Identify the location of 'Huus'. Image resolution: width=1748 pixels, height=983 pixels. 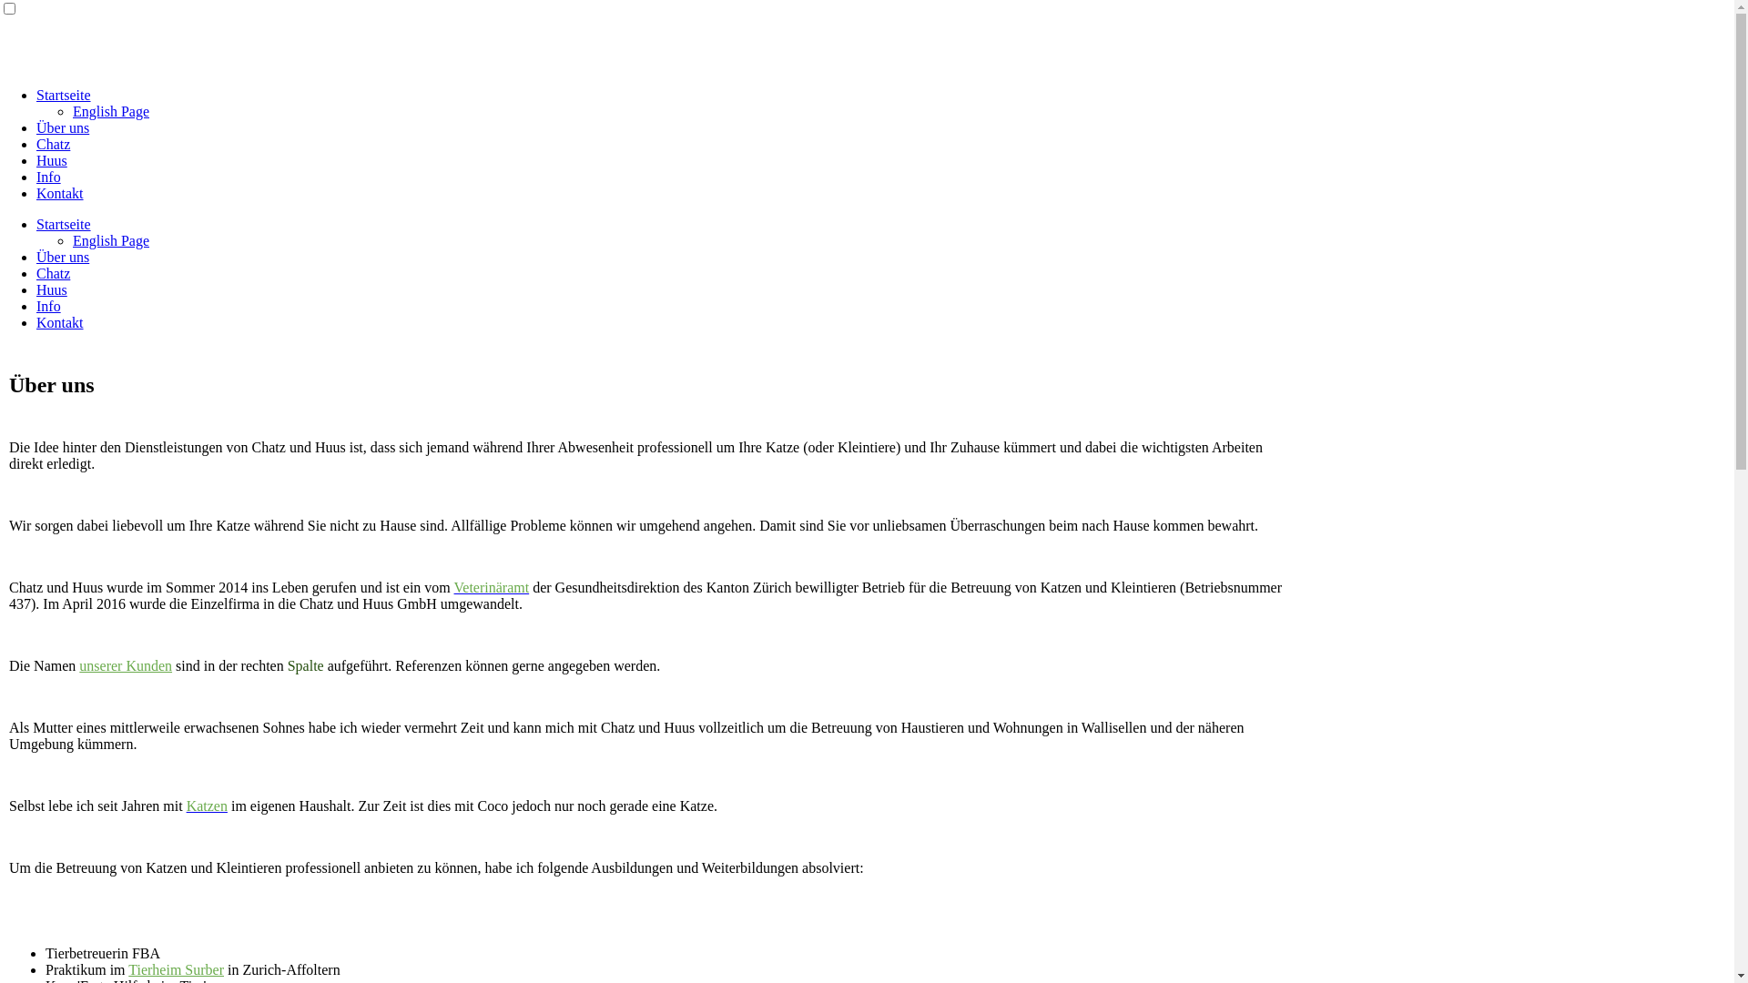
(52, 289).